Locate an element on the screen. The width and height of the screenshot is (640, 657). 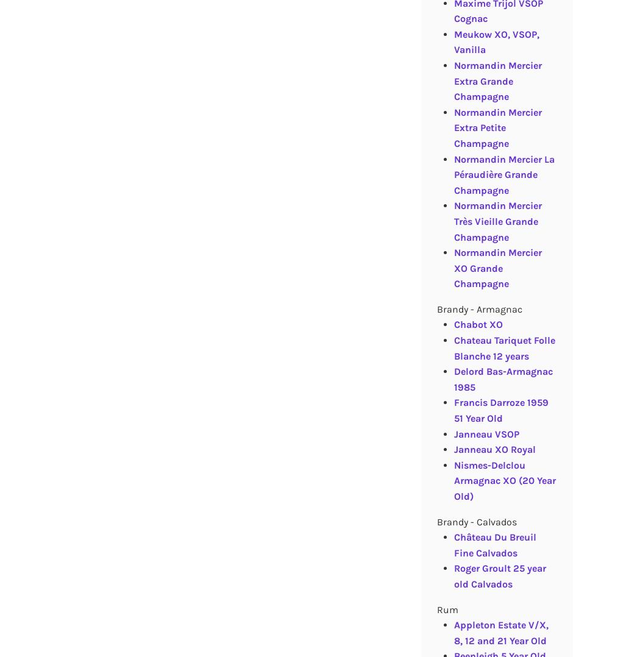
'Chateau Tariquet Folle Blanche 12 years' is located at coordinates (503, 347).